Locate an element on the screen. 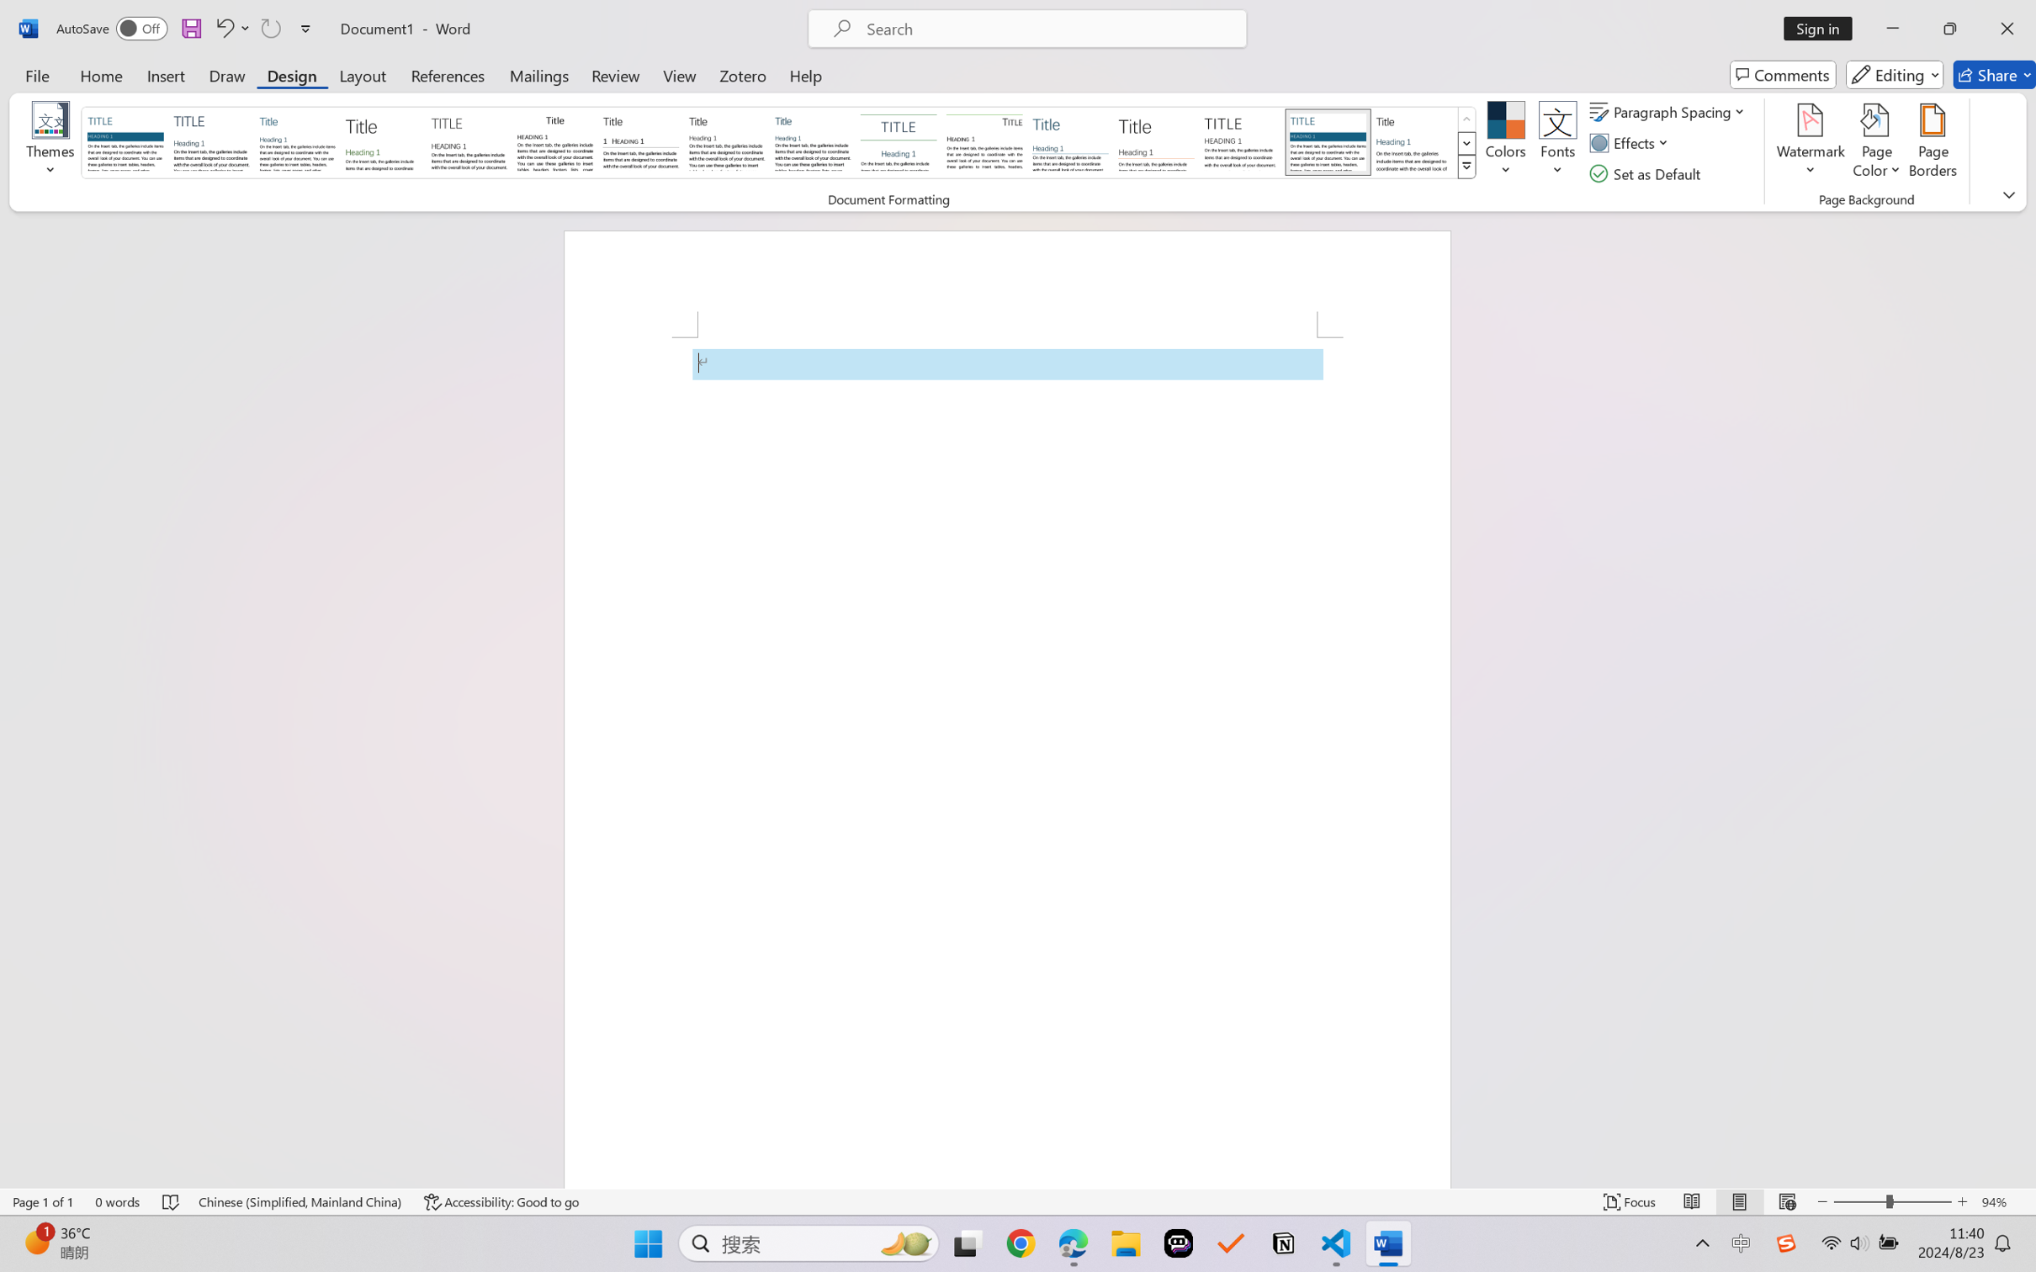 Image resolution: width=2036 pixels, height=1272 pixels. 'Effects' is located at coordinates (1632, 143).